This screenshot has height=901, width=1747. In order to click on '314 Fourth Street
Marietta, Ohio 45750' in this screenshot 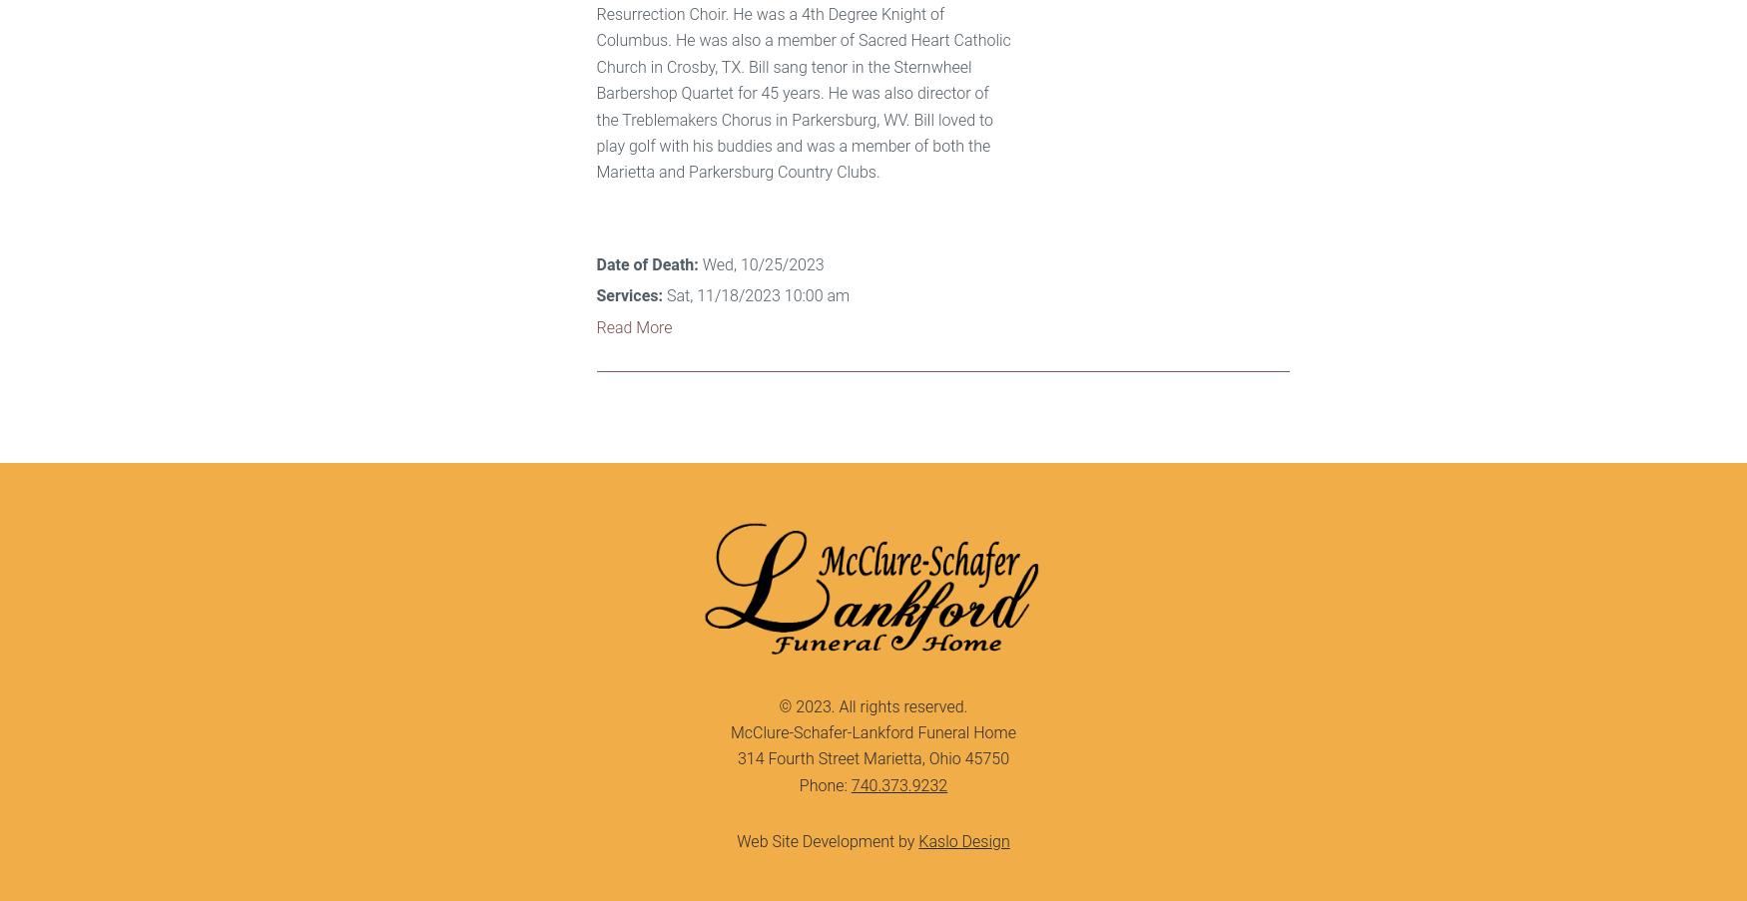, I will do `click(873, 758)`.